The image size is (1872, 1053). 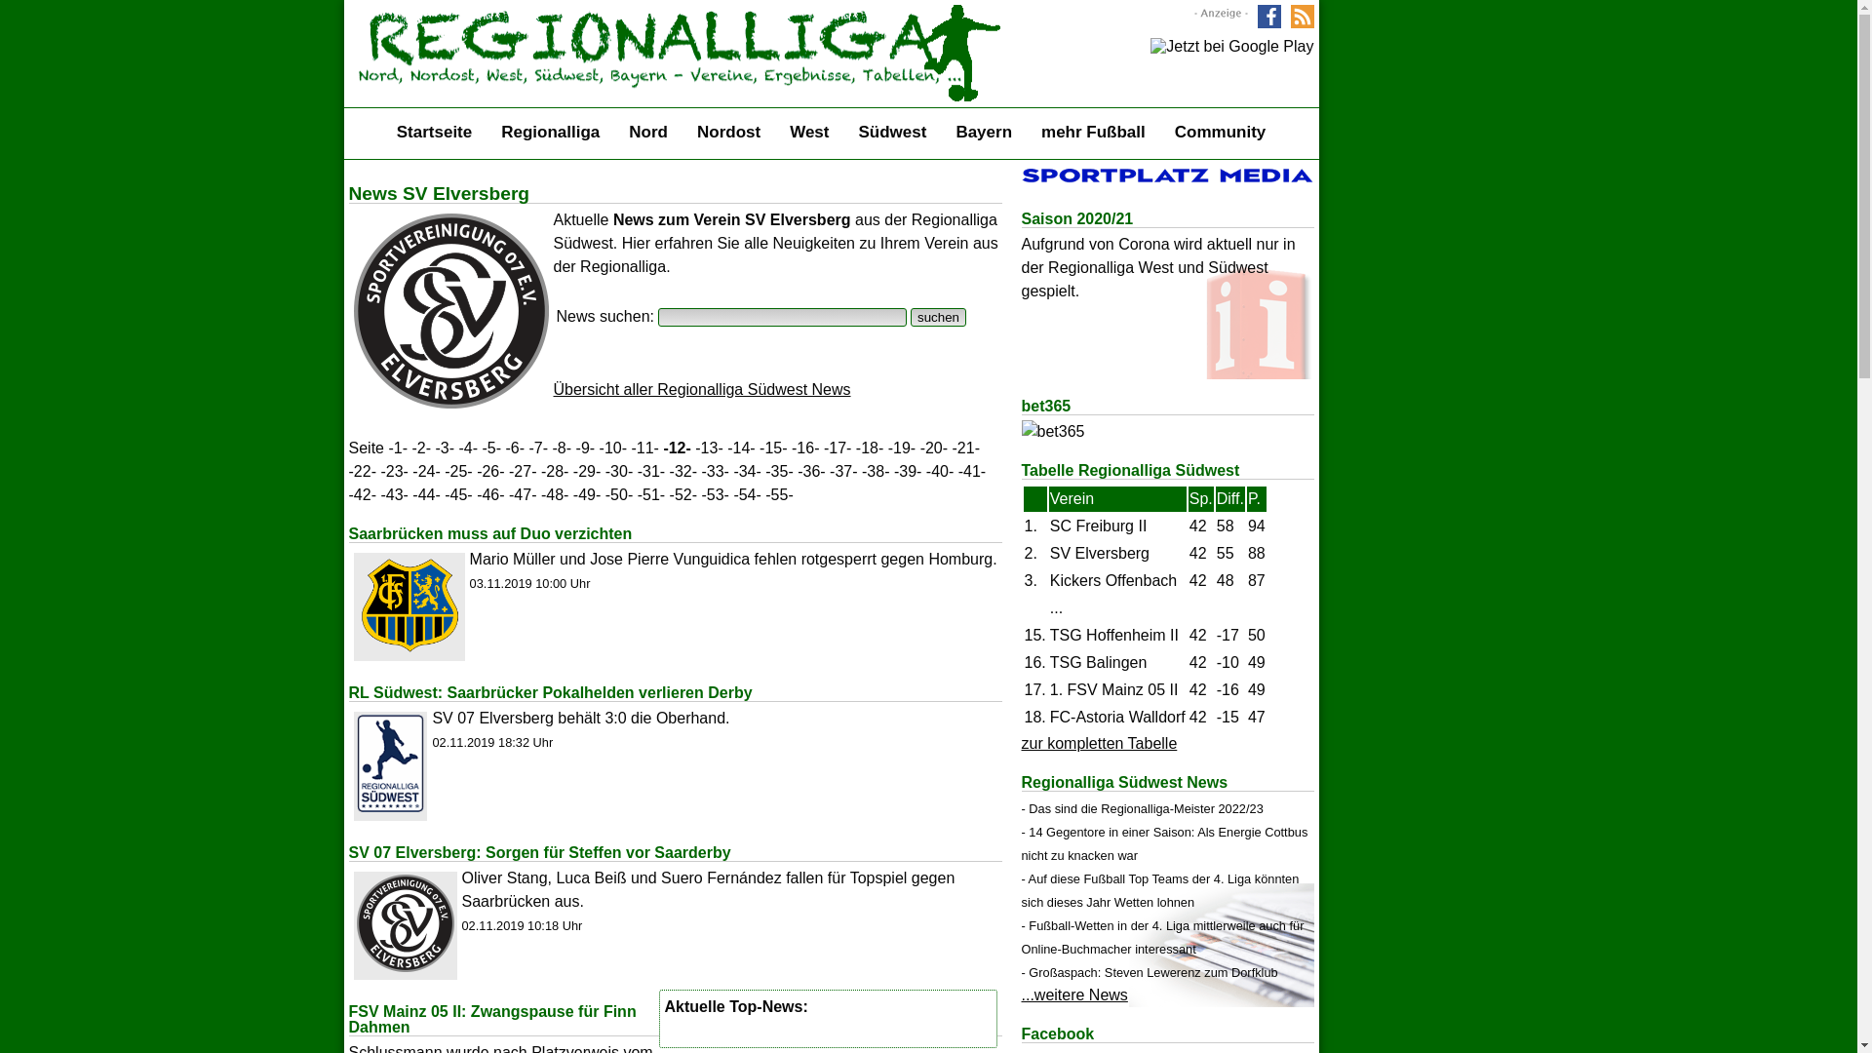 I want to click on '-14-', so click(x=739, y=448).